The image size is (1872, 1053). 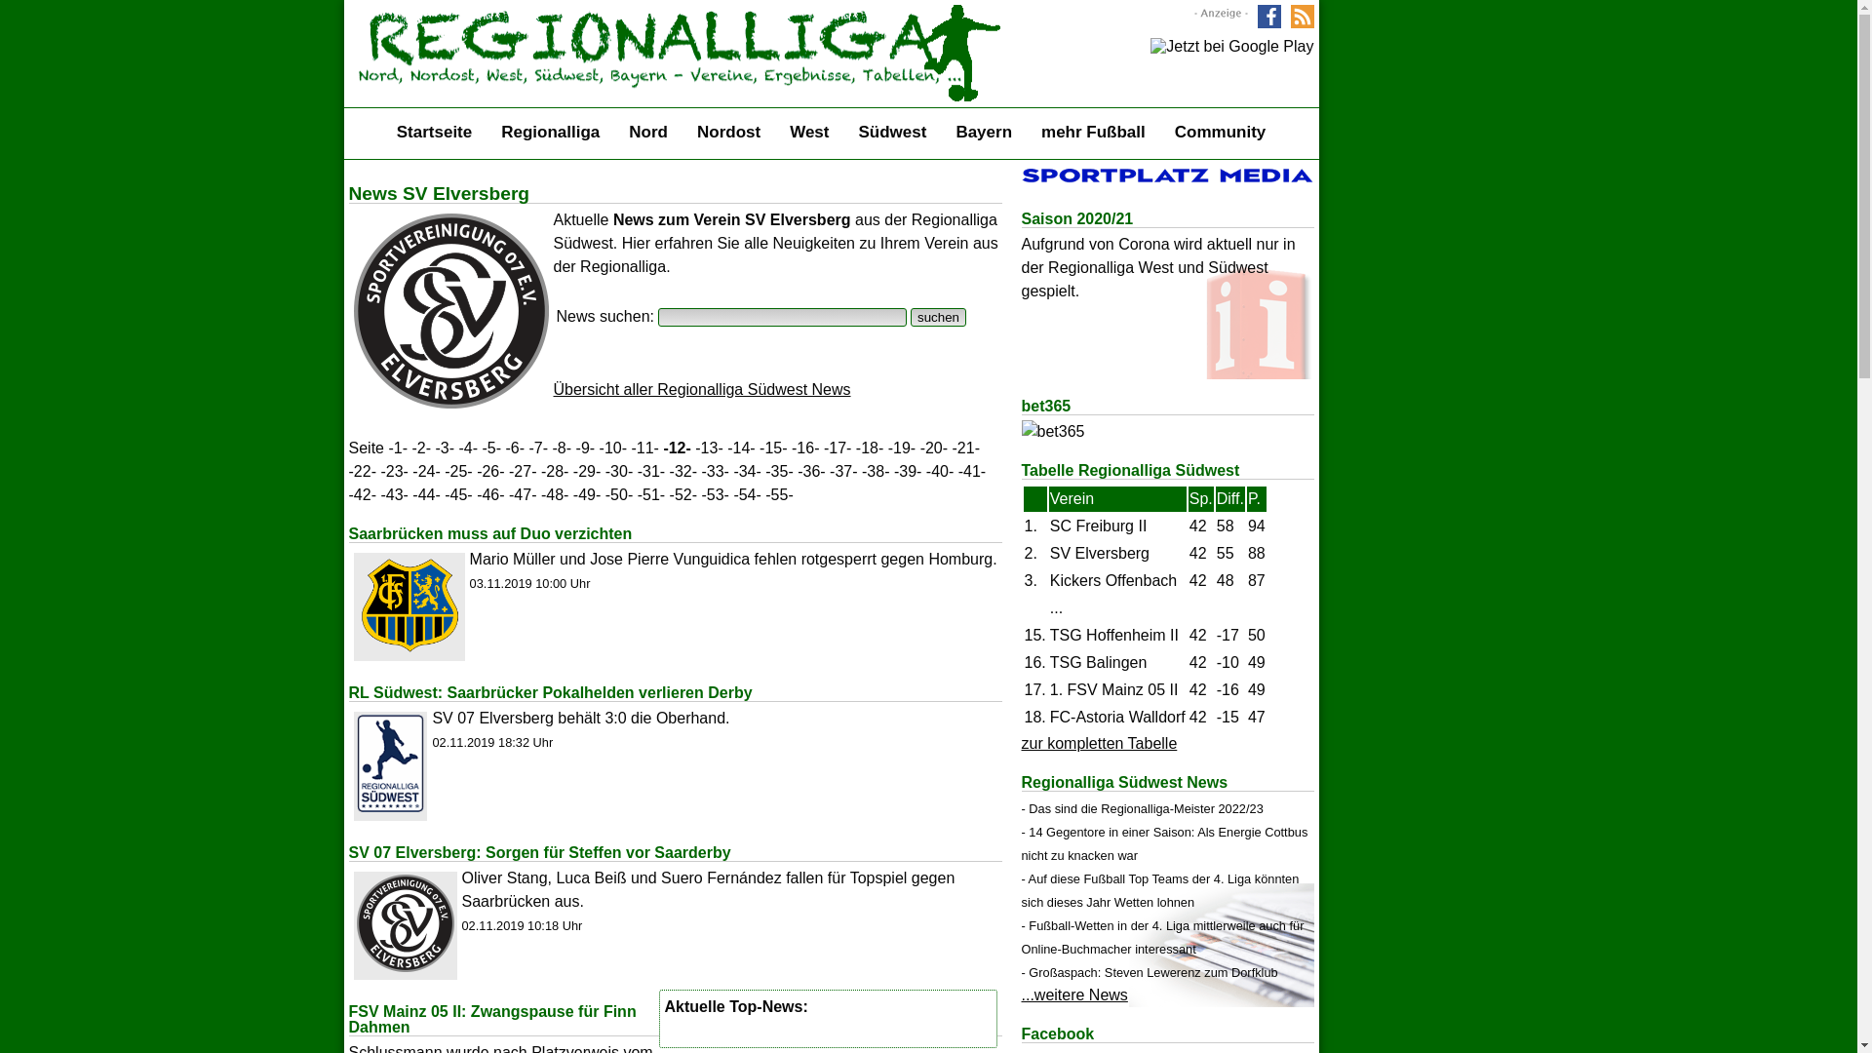 I want to click on '-14-', so click(x=739, y=448).